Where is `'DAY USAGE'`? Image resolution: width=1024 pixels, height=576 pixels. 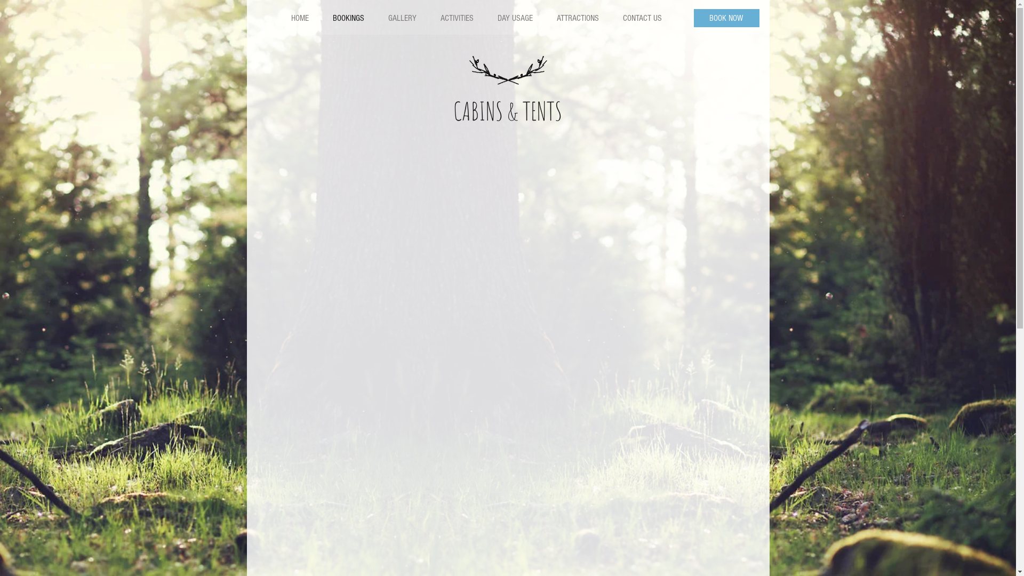
'DAY USAGE' is located at coordinates (515, 18).